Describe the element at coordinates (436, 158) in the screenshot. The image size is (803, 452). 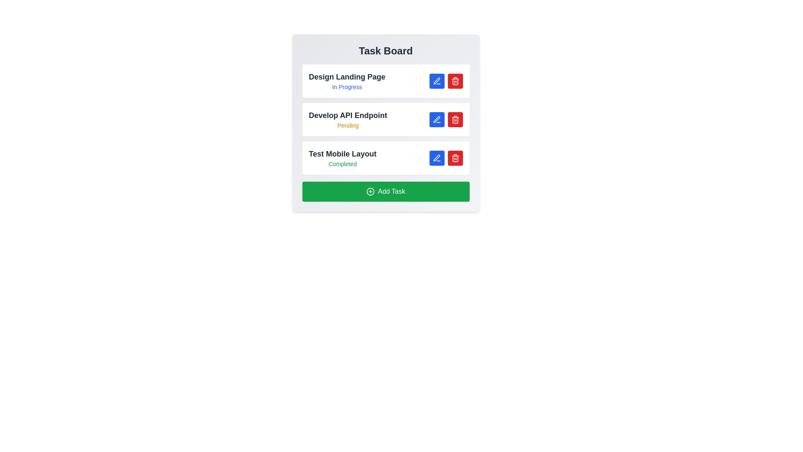
I see `the edit button next to the task with the name Test Mobile Layout` at that location.